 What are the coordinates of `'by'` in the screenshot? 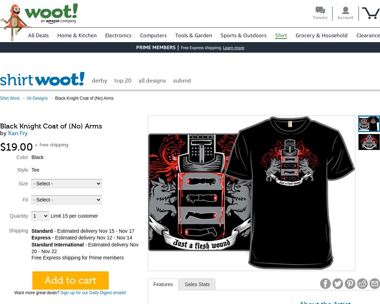 It's located at (4, 133).